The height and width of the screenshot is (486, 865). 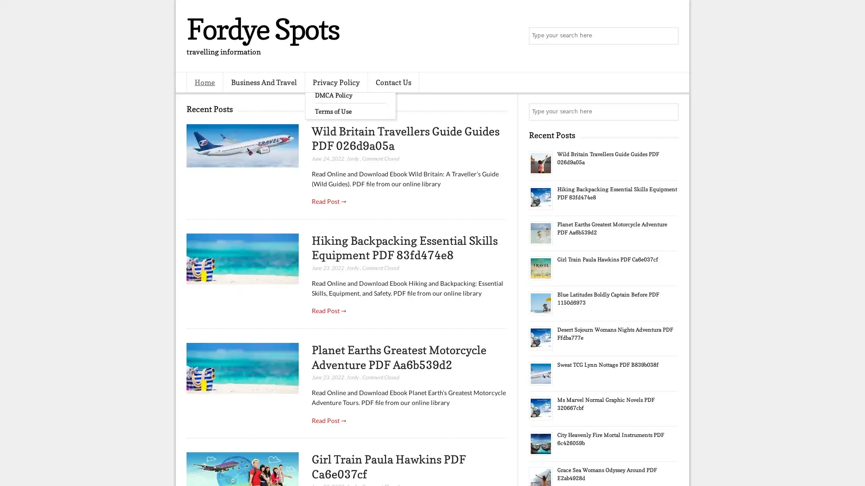 I want to click on Search, so click(x=669, y=112).